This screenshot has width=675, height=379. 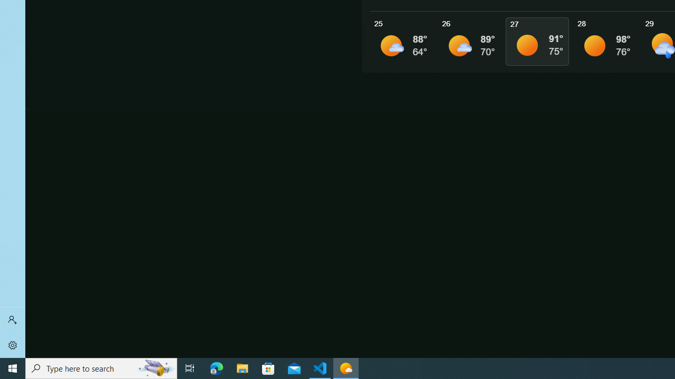 I want to click on 'Sign in', so click(x=13, y=320).